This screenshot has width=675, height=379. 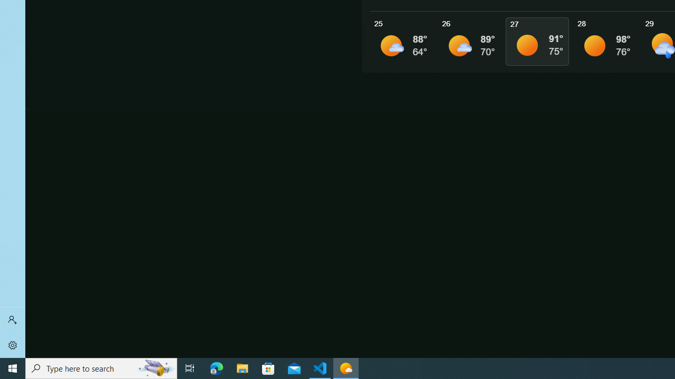 I want to click on 'Sign in', so click(x=13, y=320).